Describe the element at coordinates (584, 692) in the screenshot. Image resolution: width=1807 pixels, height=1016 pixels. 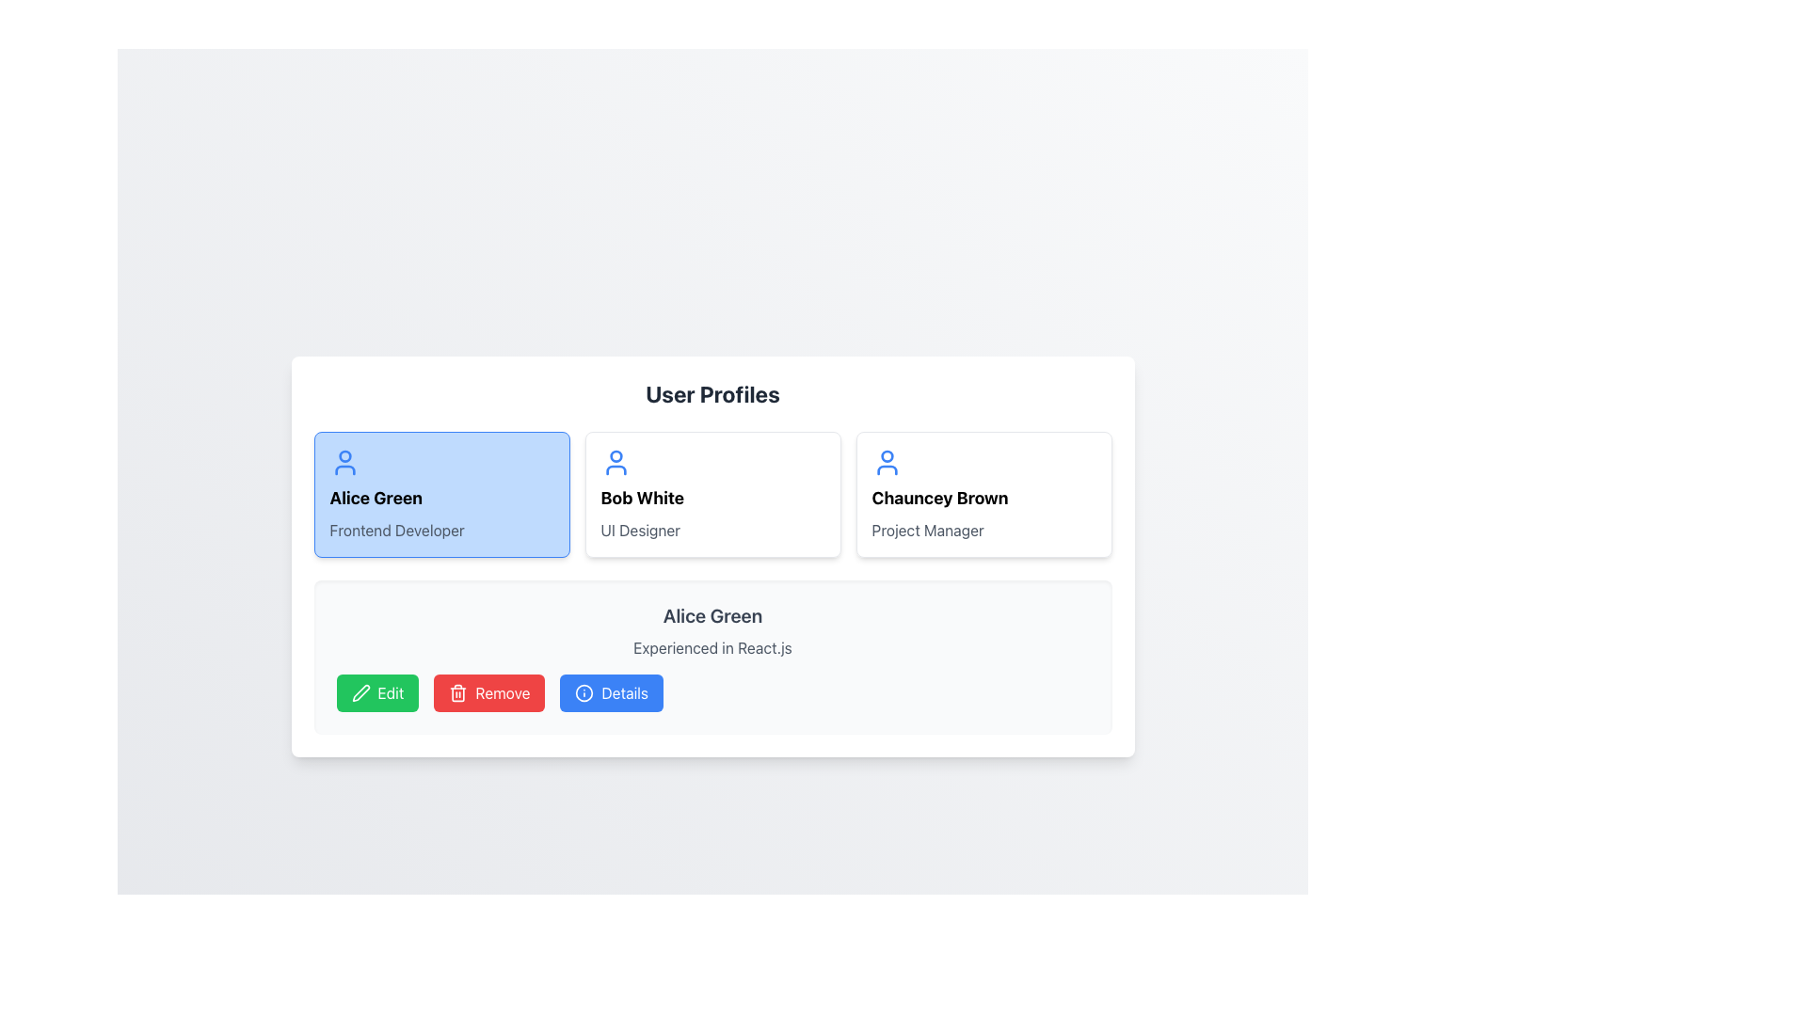
I see `the 'Details' icon positioned on the blue 'Details' button to the left of the button's text label at the bottom-right of Alice Green's user profile card` at that location.